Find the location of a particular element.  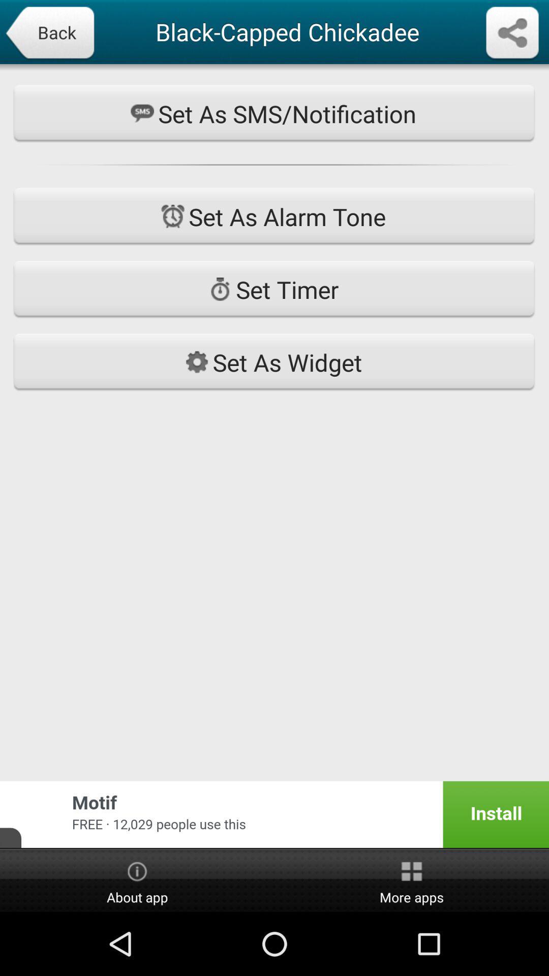

share information is located at coordinates (512, 34).